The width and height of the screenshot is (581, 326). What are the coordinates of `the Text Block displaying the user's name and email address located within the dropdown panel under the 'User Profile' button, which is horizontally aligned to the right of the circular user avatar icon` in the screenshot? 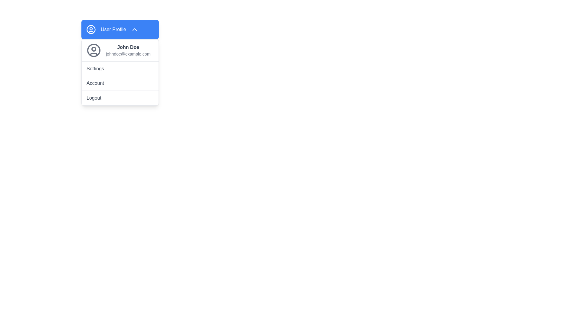 It's located at (128, 50).